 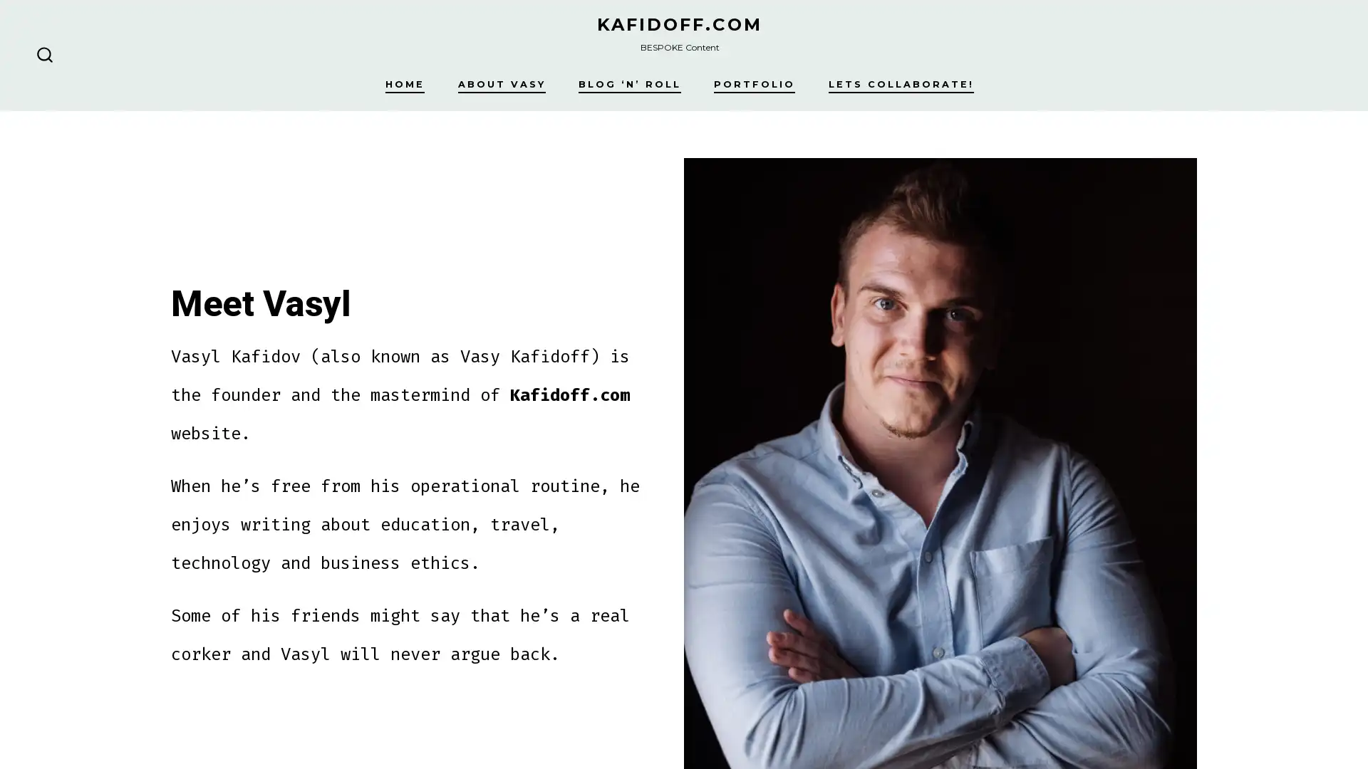 I want to click on SEARCH TOGGLE, so click(x=44, y=54).